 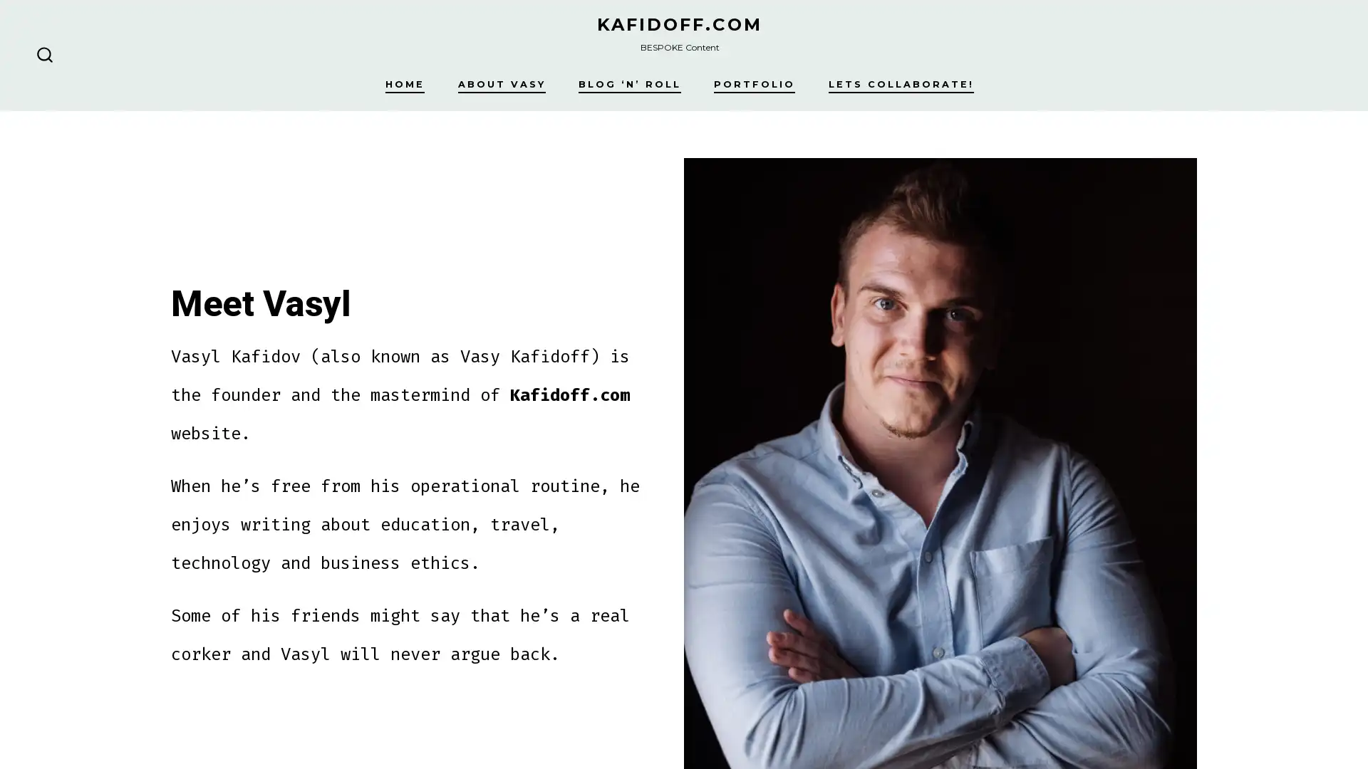 I want to click on SEARCH TOGGLE, so click(x=44, y=54).